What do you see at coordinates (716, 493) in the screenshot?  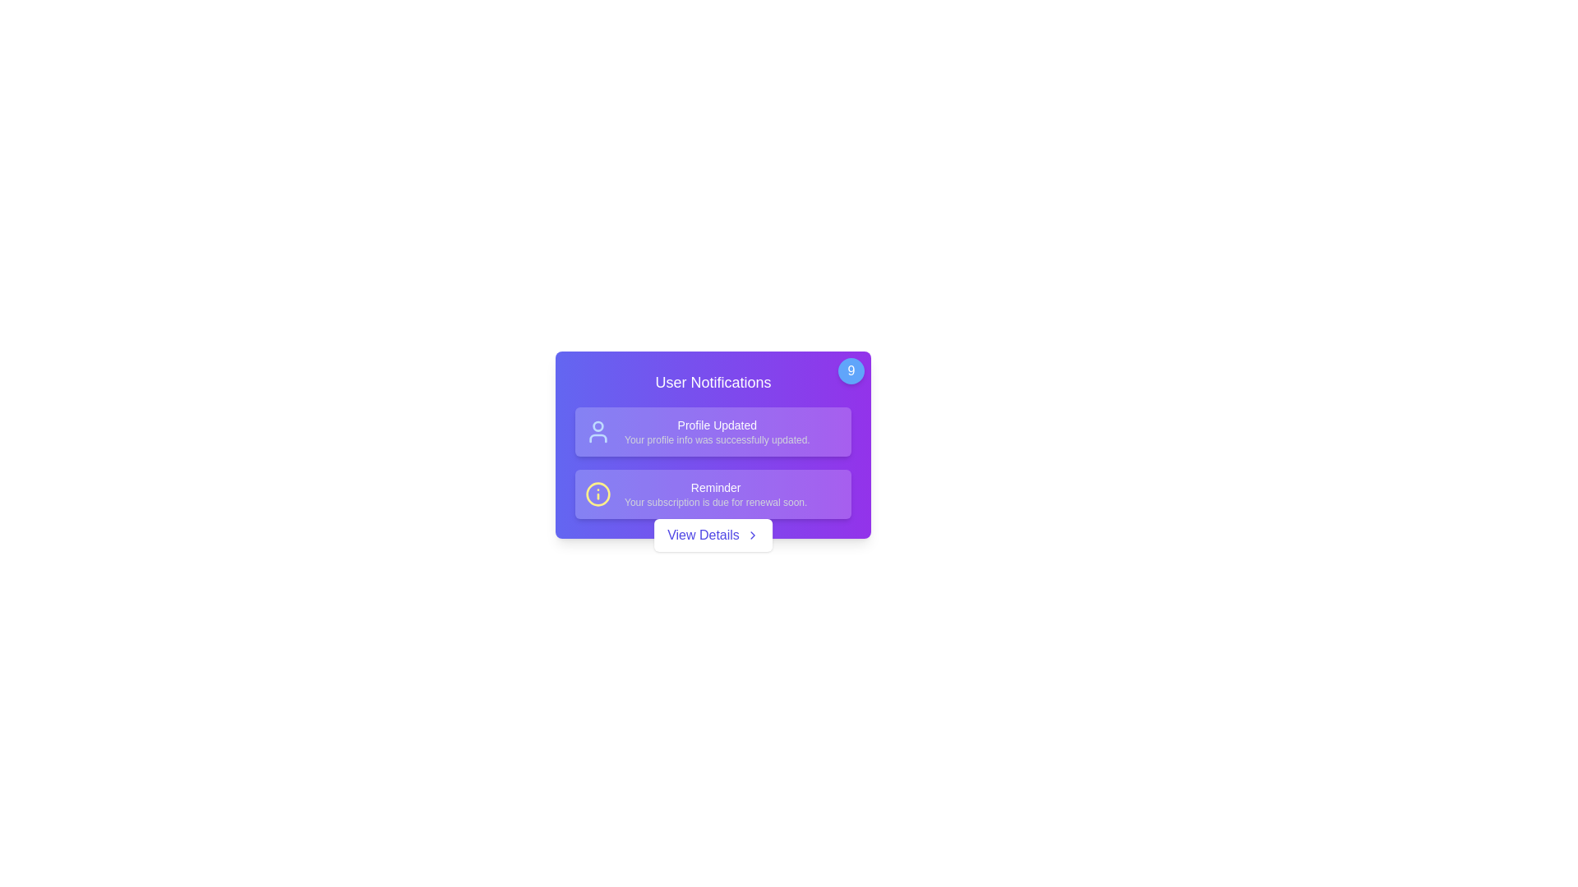 I see `message displayed in the second notification card of the 'User Notifications' section, which states 'Your subscription is due for renewal soon.'` at bounding box center [716, 493].